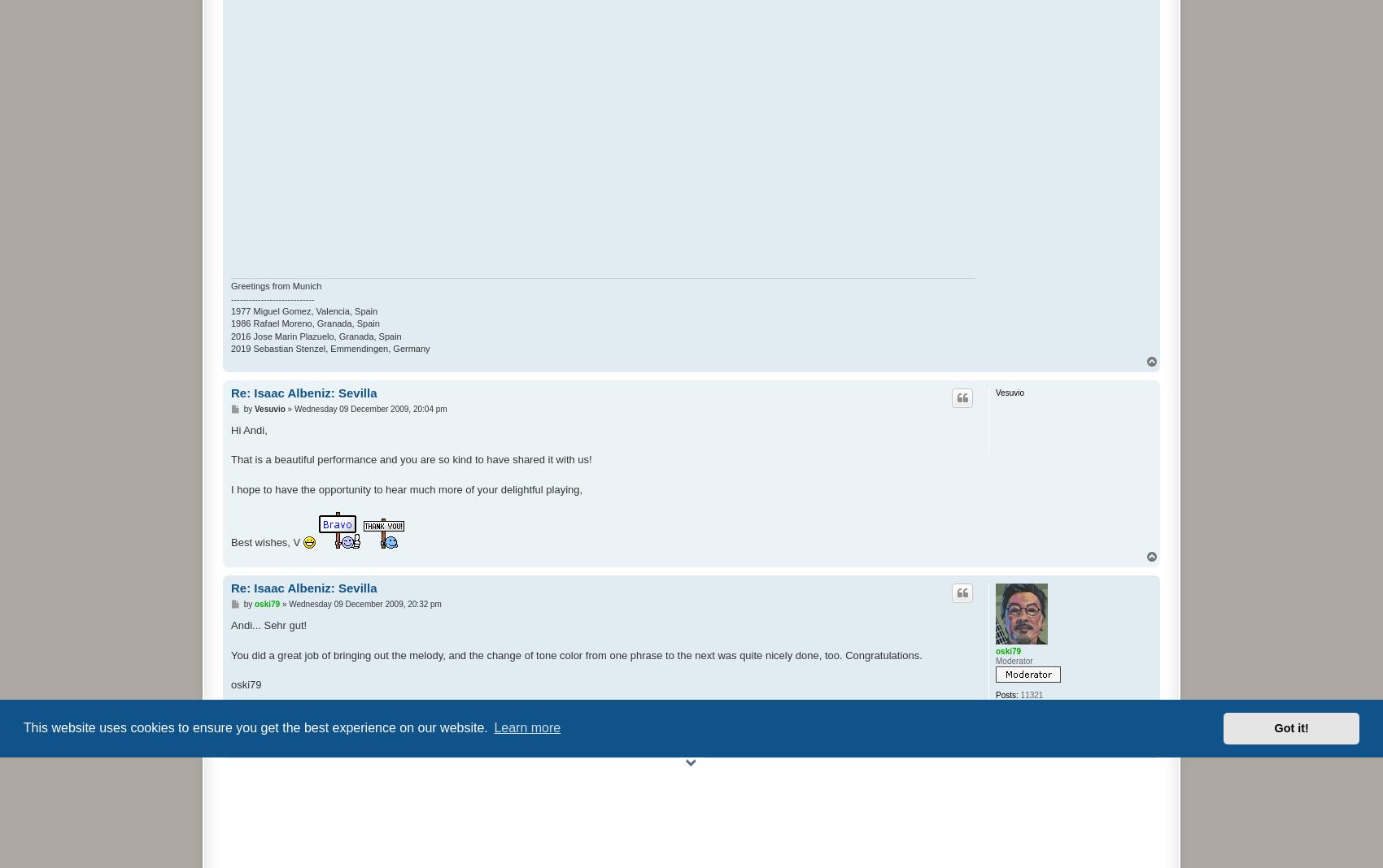  Describe the element at coordinates (272, 297) in the screenshot. I see `'----------------------------'` at that location.